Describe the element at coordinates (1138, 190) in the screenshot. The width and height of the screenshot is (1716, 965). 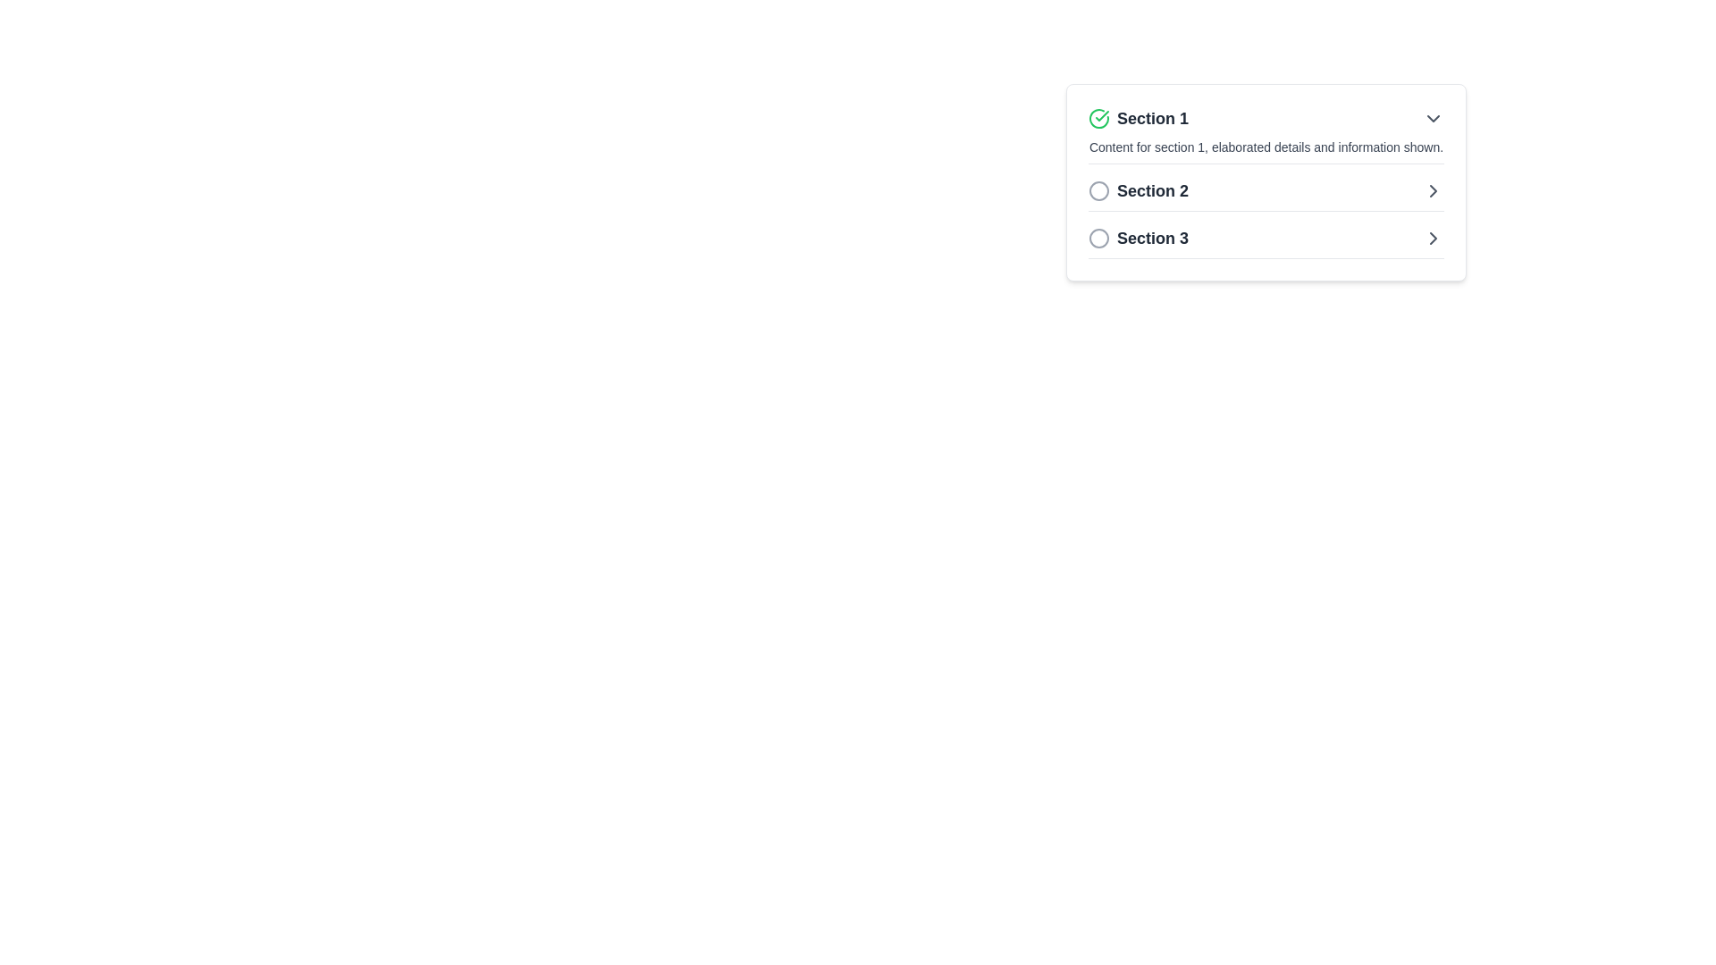
I see `the 'What this Text' header` at that location.